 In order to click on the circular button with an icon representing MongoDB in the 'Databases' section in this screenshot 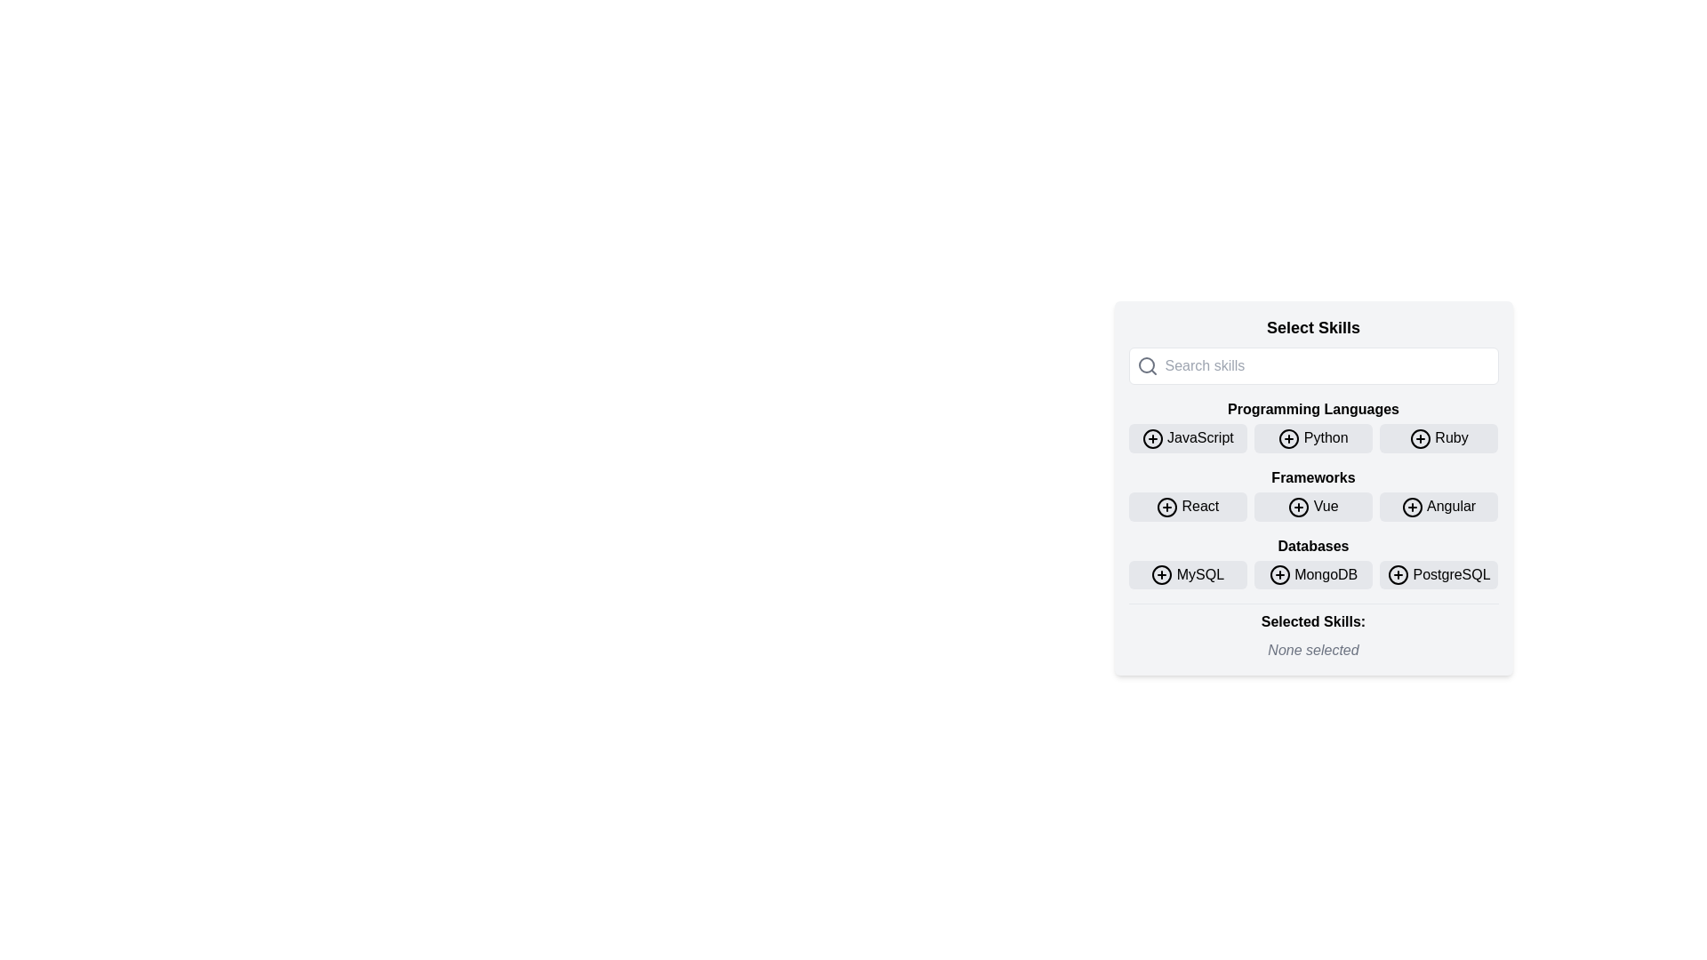, I will do `click(1278, 575)`.